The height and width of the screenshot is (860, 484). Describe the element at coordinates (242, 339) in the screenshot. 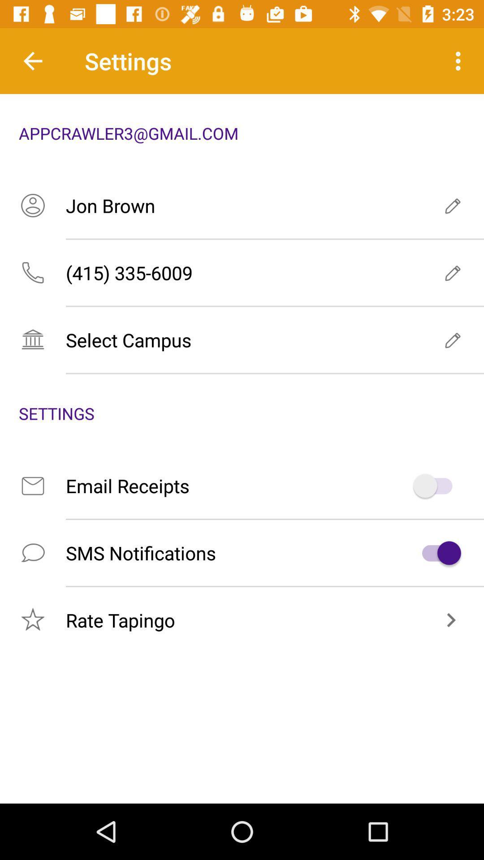

I see `select campus item` at that location.